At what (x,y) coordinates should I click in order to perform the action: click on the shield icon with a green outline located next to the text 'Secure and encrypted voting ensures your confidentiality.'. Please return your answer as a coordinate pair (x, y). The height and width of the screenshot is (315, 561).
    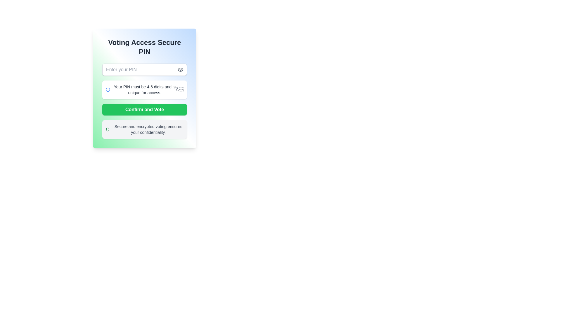
    Looking at the image, I should click on (108, 129).